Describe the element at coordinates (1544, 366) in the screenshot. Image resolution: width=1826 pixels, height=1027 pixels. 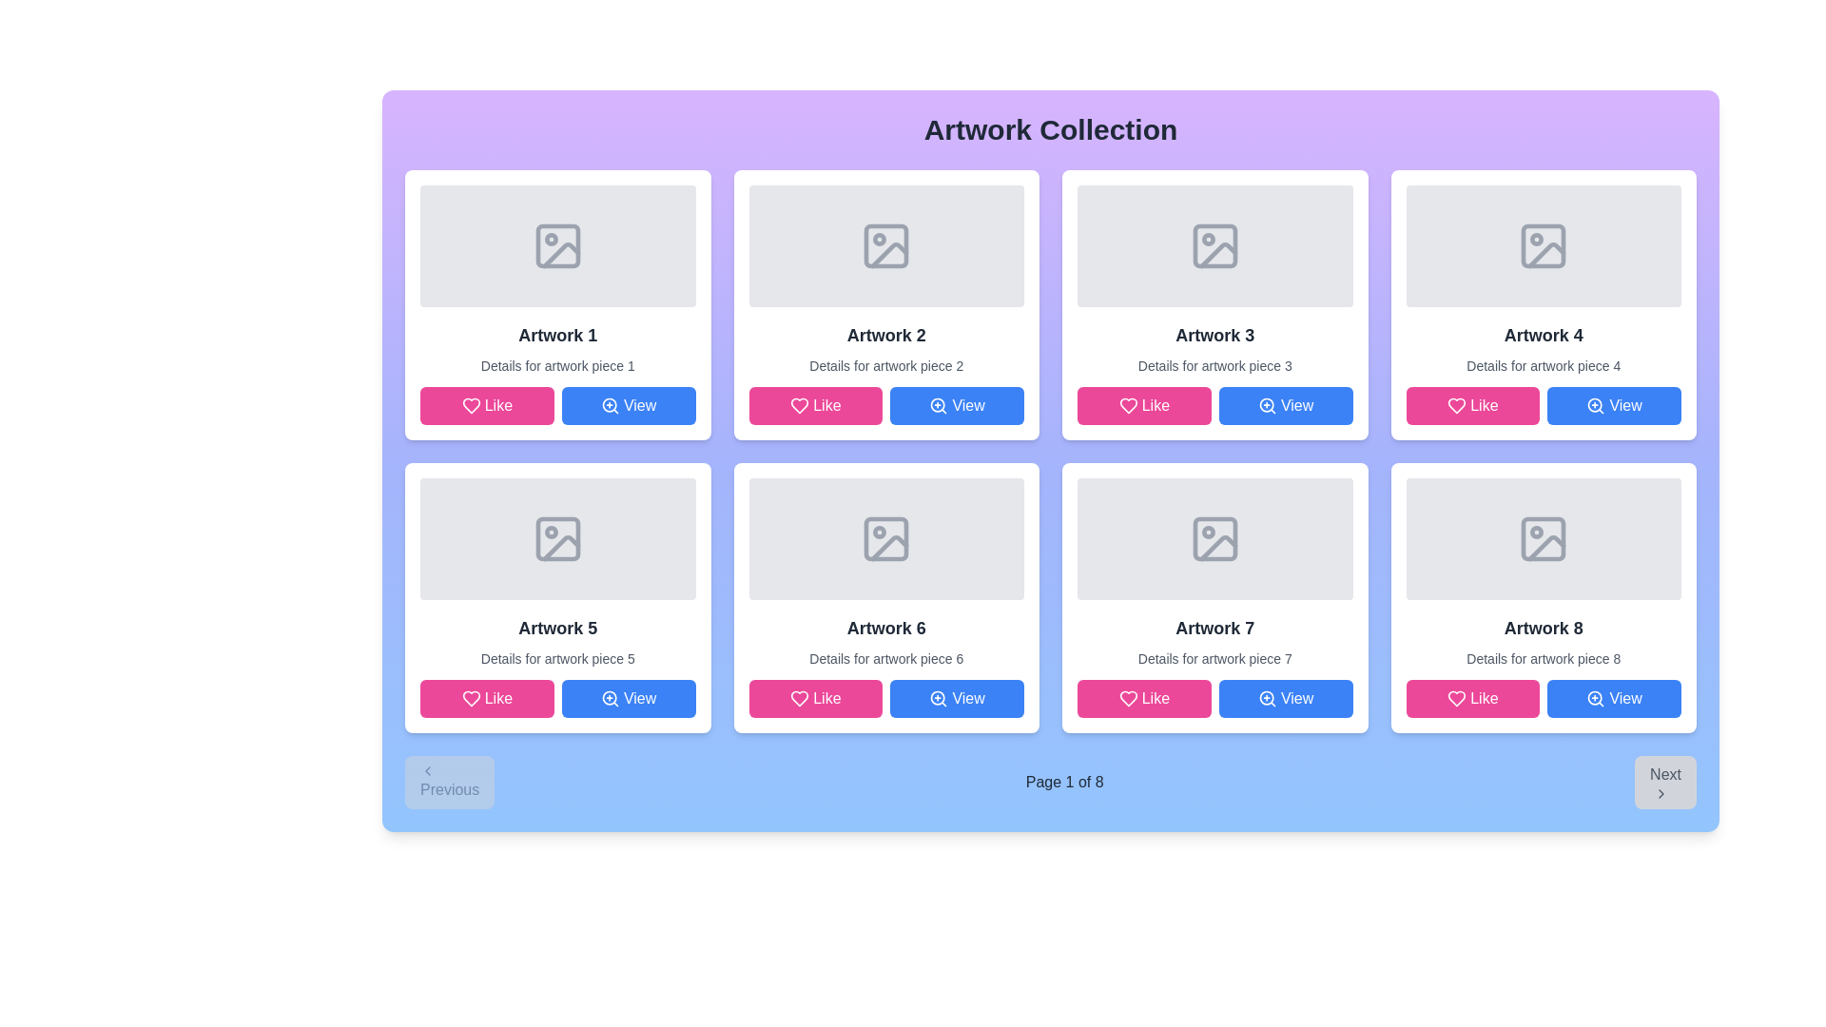
I see `the Text label that provides details related to 'Artwork 4', positioned below the title and above the action buttons` at that location.